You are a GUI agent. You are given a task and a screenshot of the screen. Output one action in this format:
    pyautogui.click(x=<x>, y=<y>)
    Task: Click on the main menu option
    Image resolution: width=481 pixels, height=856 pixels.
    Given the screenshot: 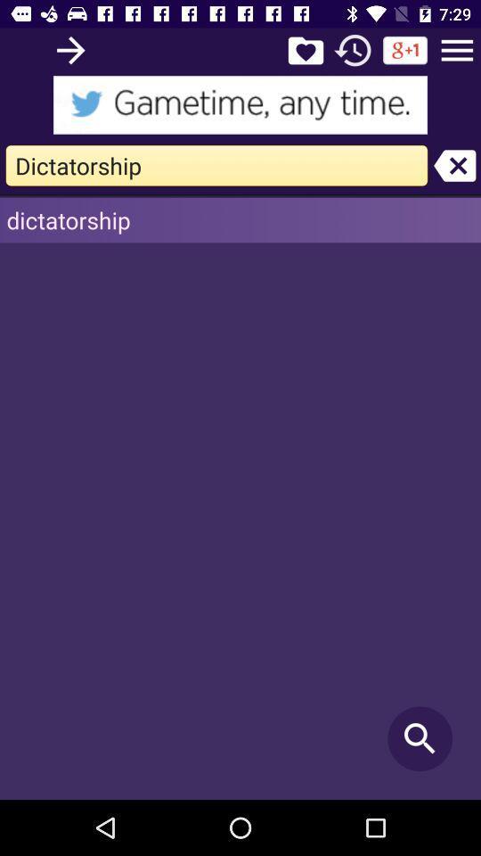 What is the action you would take?
    pyautogui.click(x=457, y=49)
    